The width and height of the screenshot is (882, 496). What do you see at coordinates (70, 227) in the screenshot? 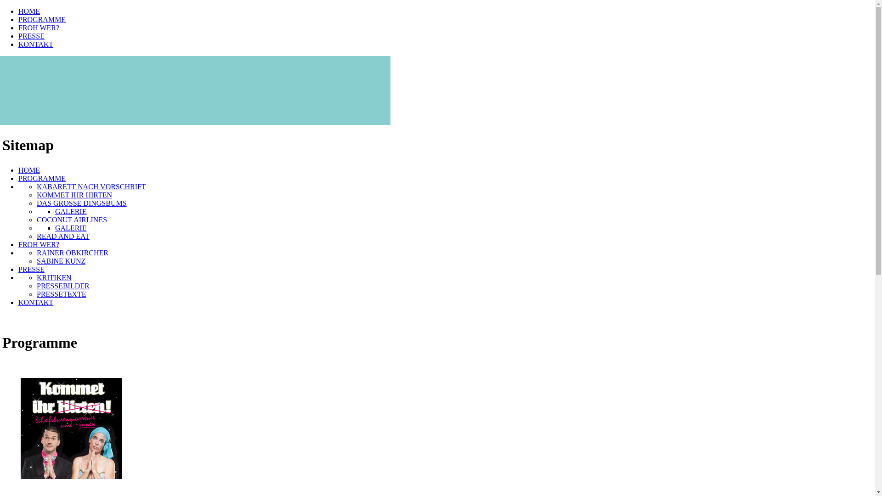
I see `'GALERIE'` at bounding box center [70, 227].